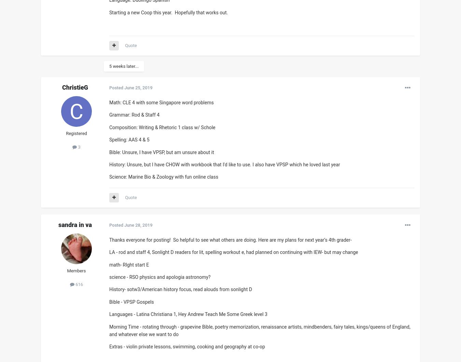 The image size is (461, 362). Describe the element at coordinates (109, 240) in the screenshot. I see `'Thanks everyone for posting!  So helpful to see what others are doing. Here are my plans for next year’s 4th grader-'` at that location.